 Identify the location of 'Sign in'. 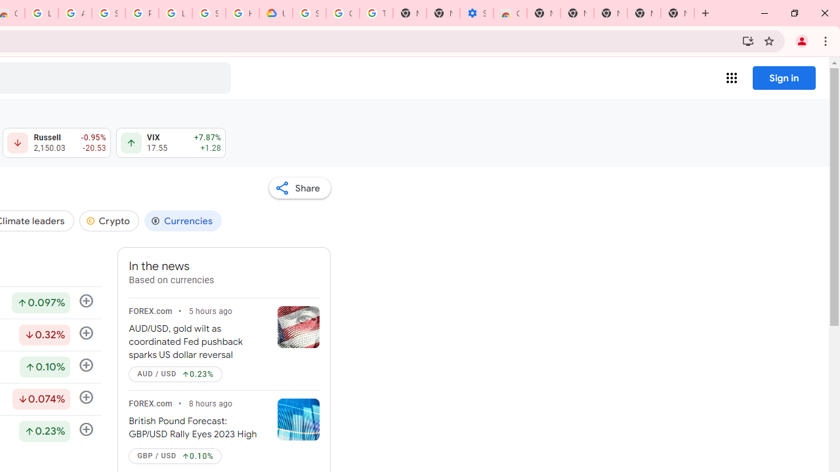
(784, 77).